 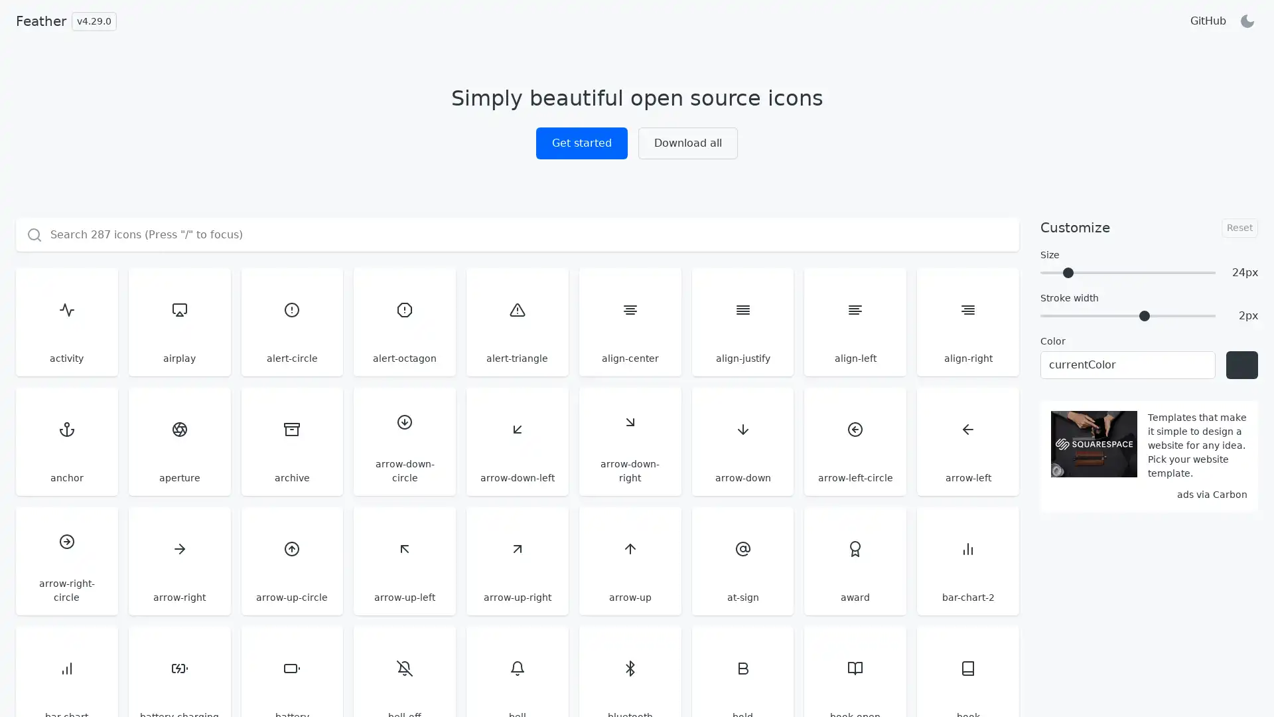 What do you see at coordinates (66, 322) in the screenshot?
I see `activity` at bounding box center [66, 322].